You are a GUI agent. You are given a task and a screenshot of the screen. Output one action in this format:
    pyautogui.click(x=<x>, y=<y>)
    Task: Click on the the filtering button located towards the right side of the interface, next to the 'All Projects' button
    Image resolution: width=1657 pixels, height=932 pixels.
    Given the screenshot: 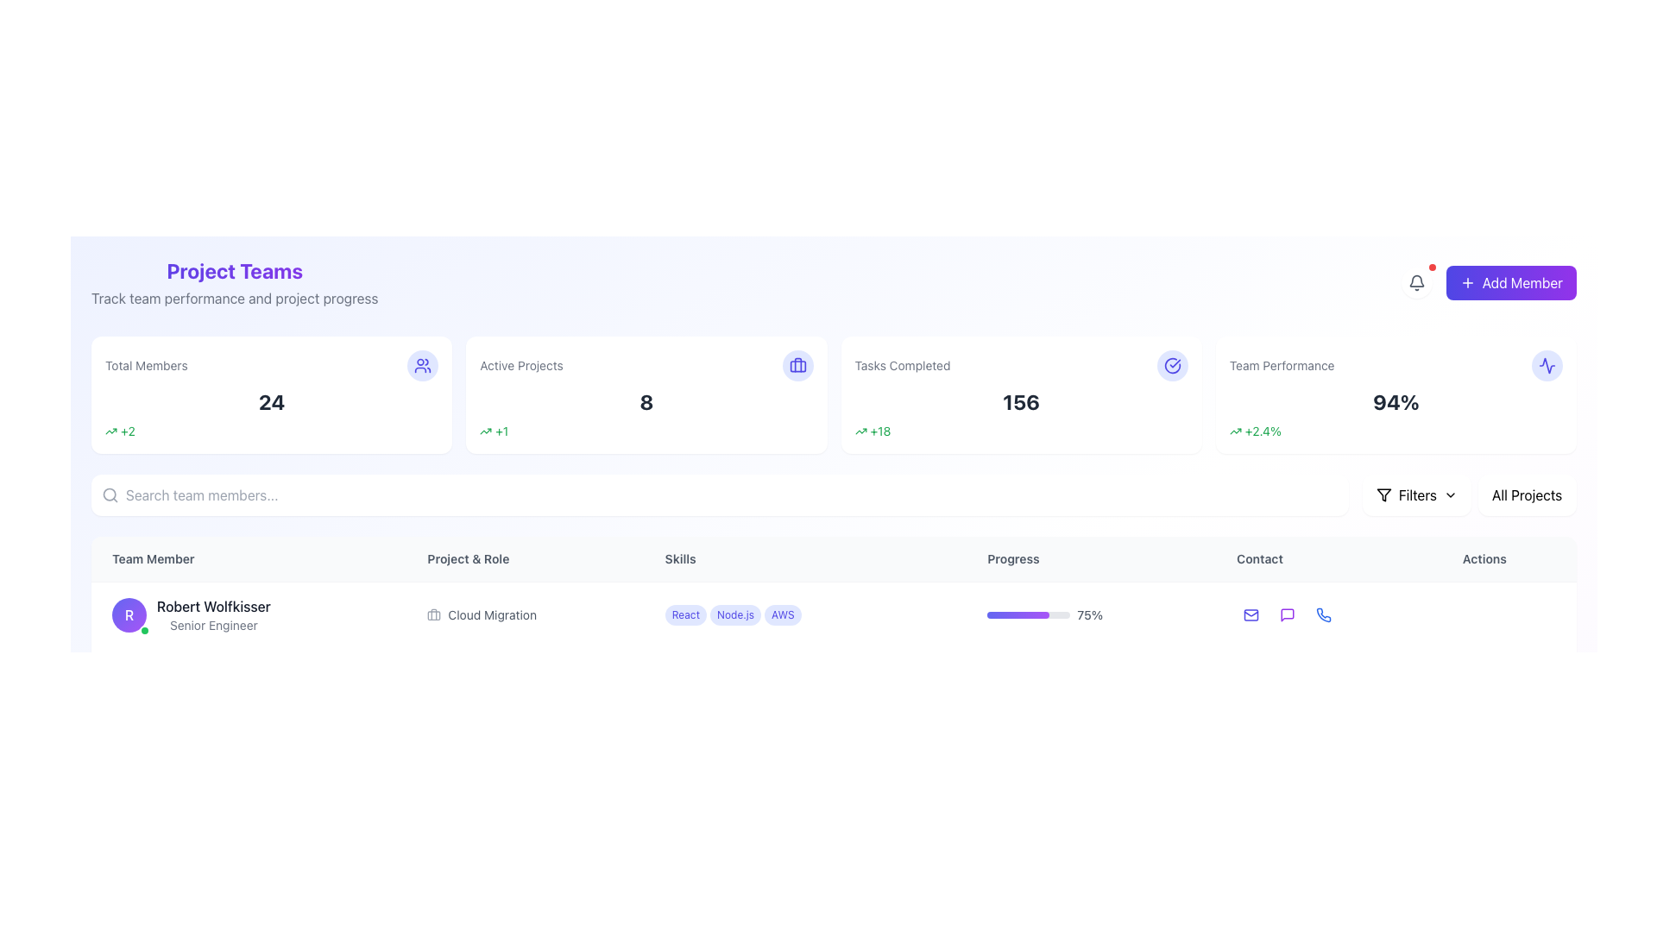 What is the action you would take?
    pyautogui.click(x=1416, y=495)
    